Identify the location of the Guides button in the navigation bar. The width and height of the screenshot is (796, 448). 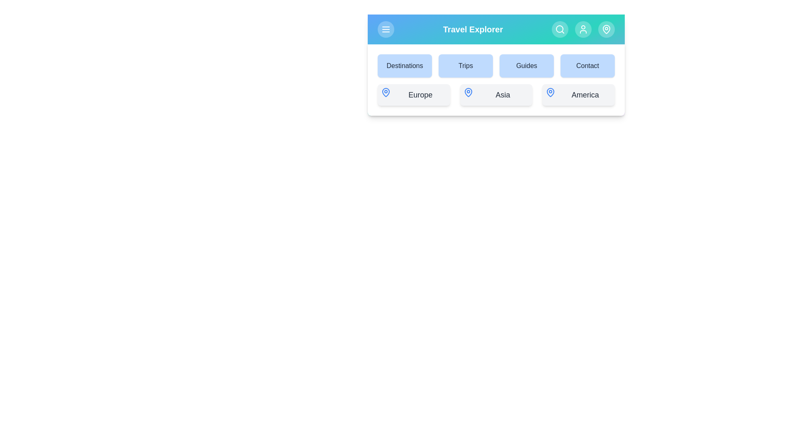
(526, 65).